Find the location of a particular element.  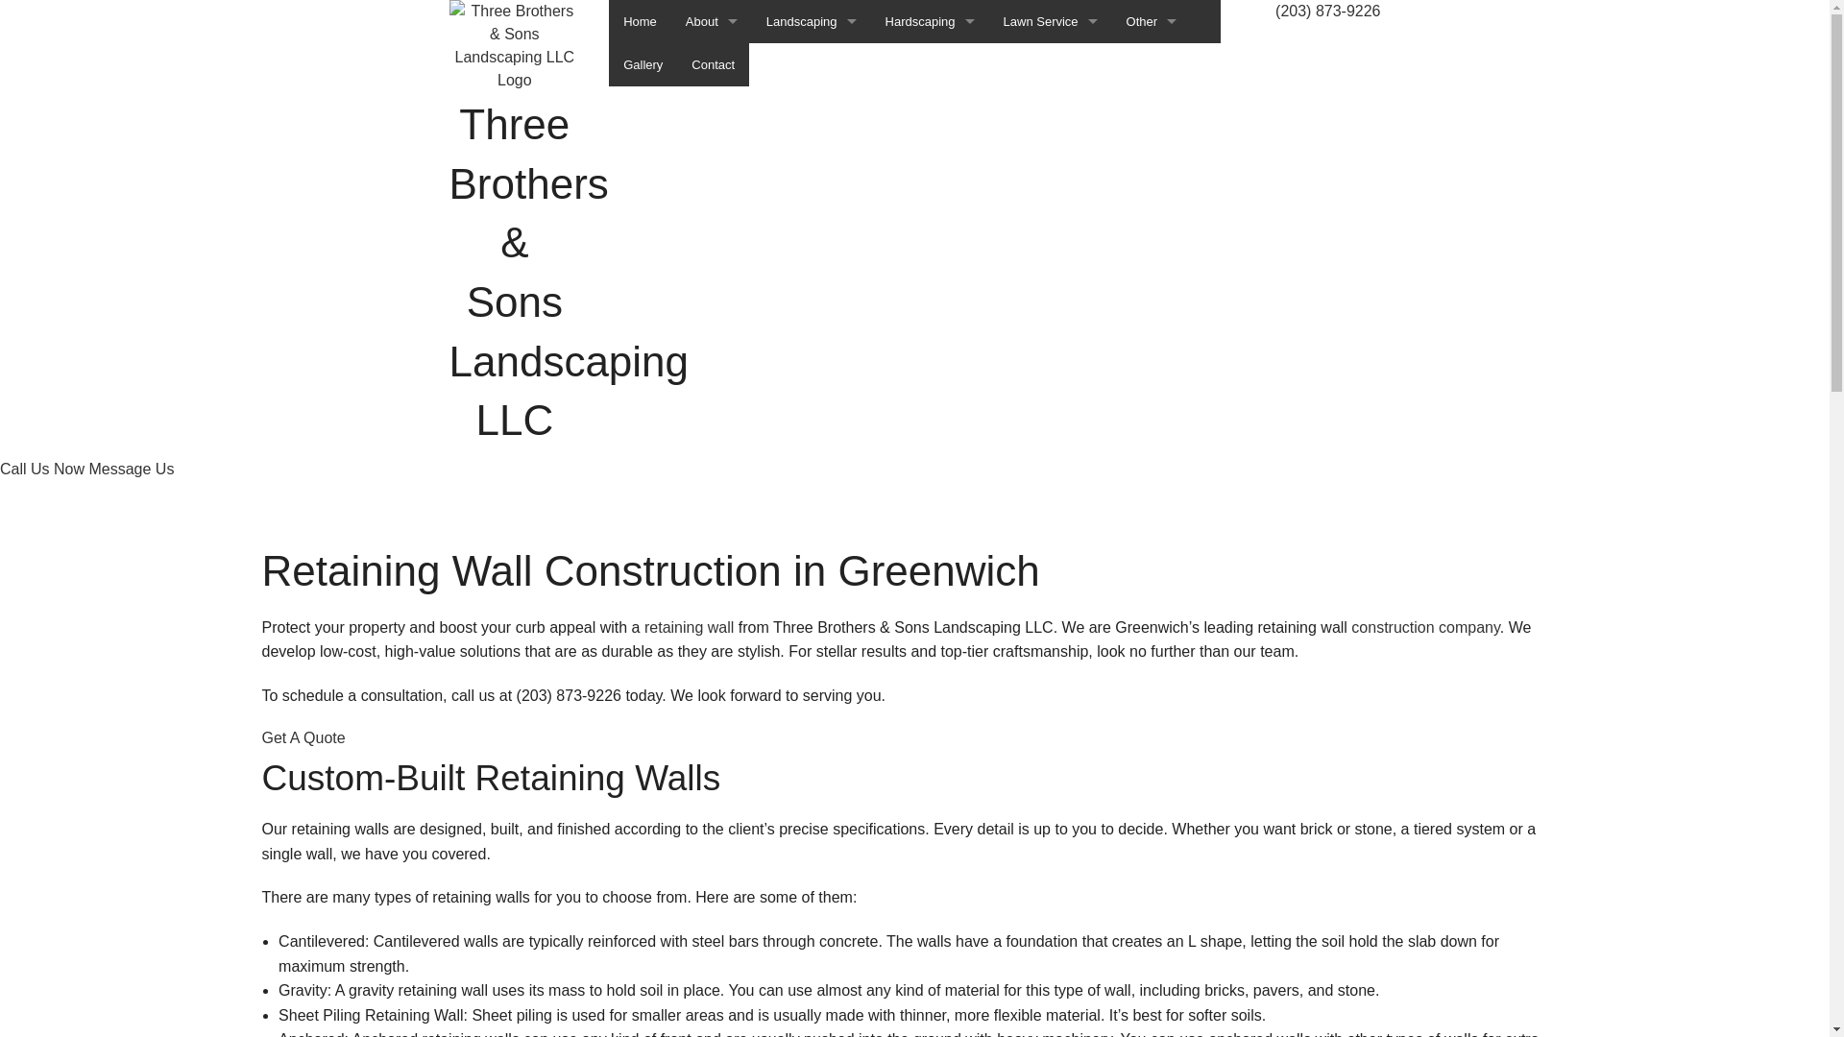

'Mulching' is located at coordinates (1111, 194).